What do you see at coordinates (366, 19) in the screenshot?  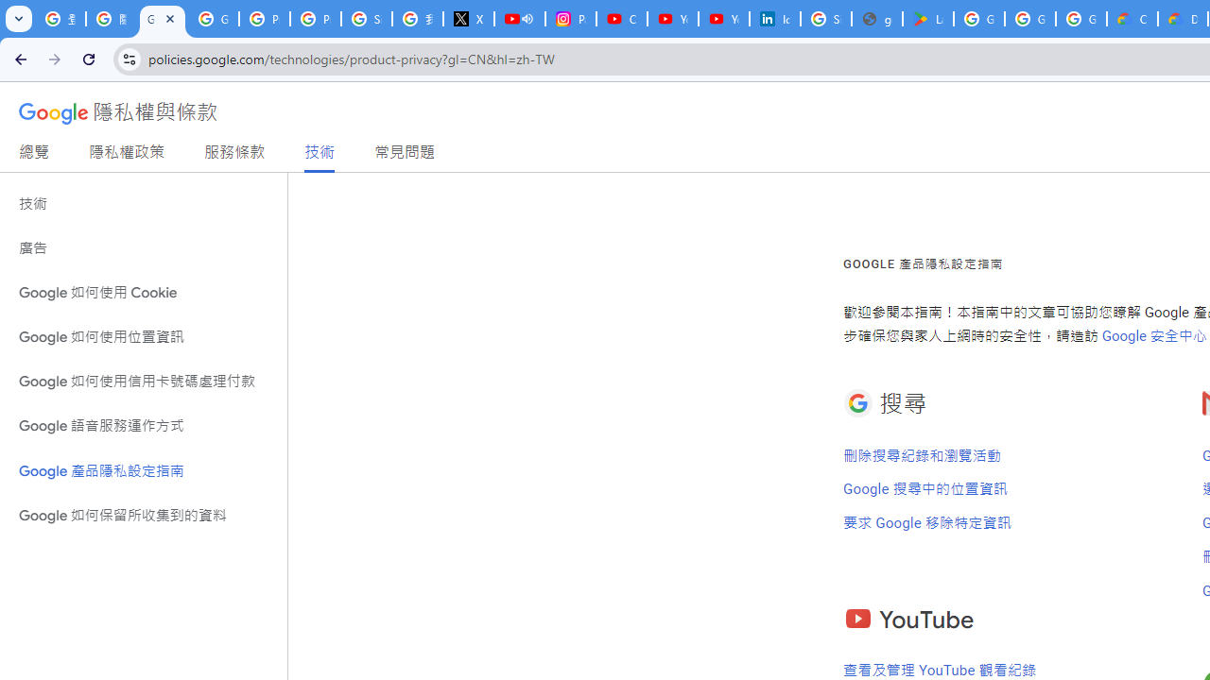 I see `'Sign in - Google Accounts'` at bounding box center [366, 19].